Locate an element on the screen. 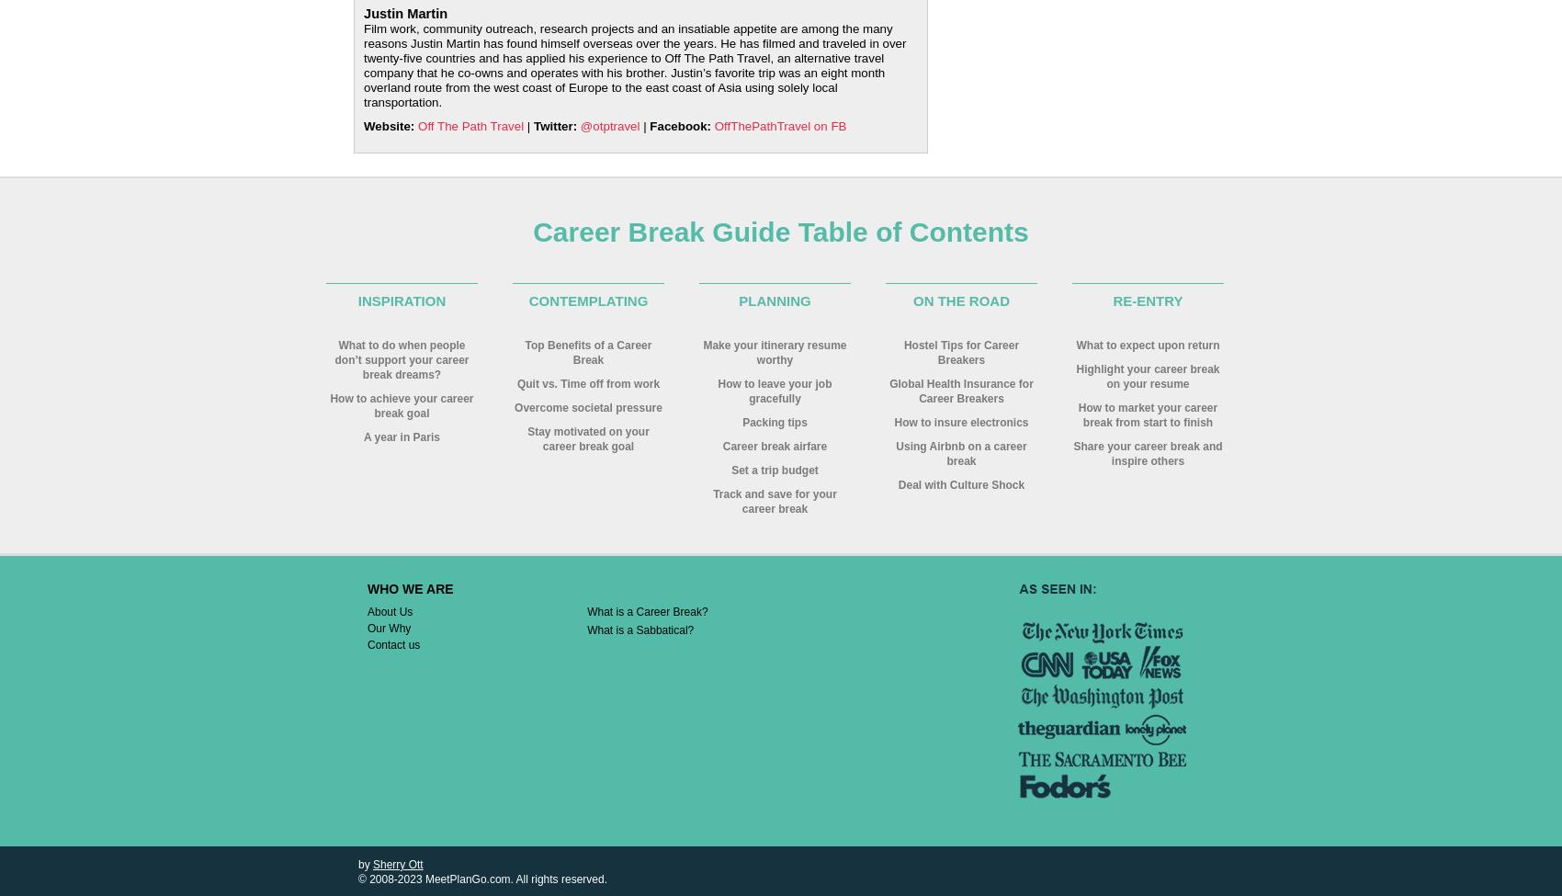 The width and height of the screenshot is (1562, 896). 'Website:' is located at coordinates (362, 125).